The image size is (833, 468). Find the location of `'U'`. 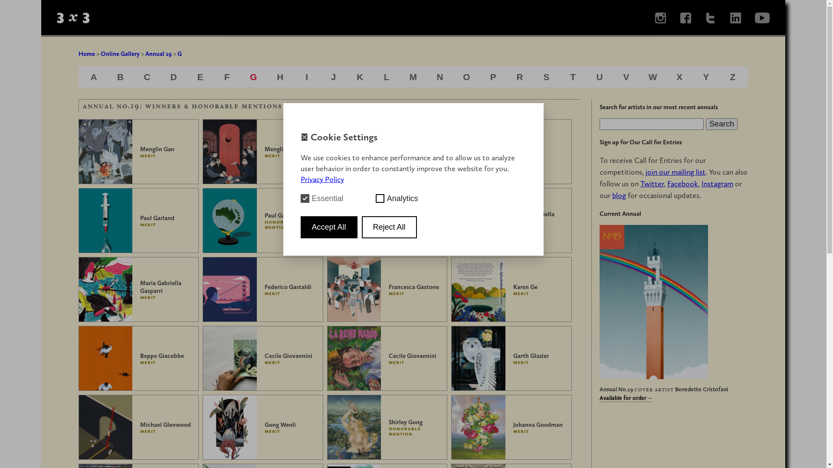

'U' is located at coordinates (599, 76).